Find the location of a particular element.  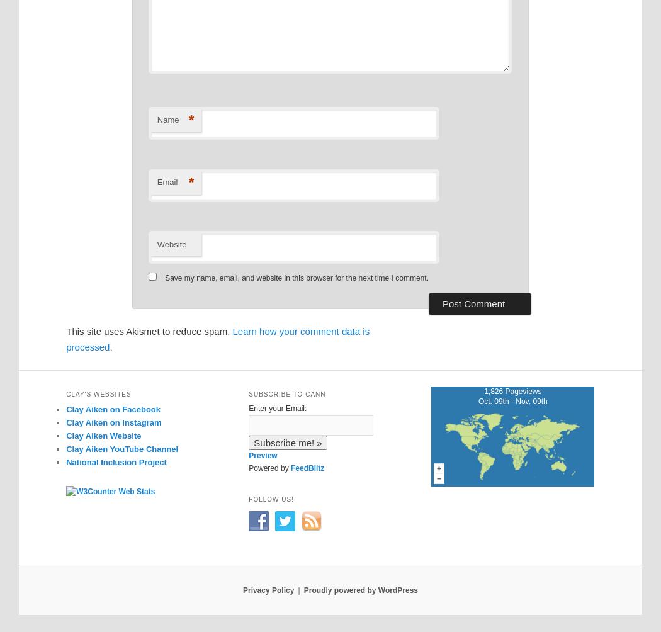

'Oct. 09th - Nov. 09th' is located at coordinates (511, 400).